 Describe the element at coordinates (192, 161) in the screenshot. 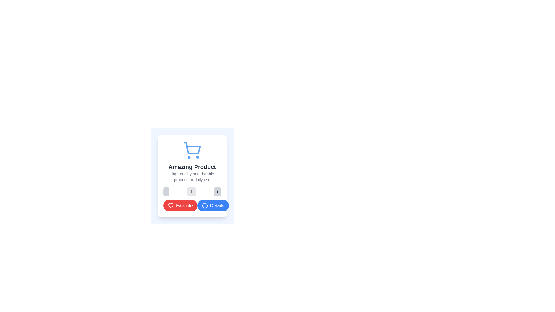

I see `the blue shopping cart icon located at the top of the product card labeled 'Amazing Product'` at that location.